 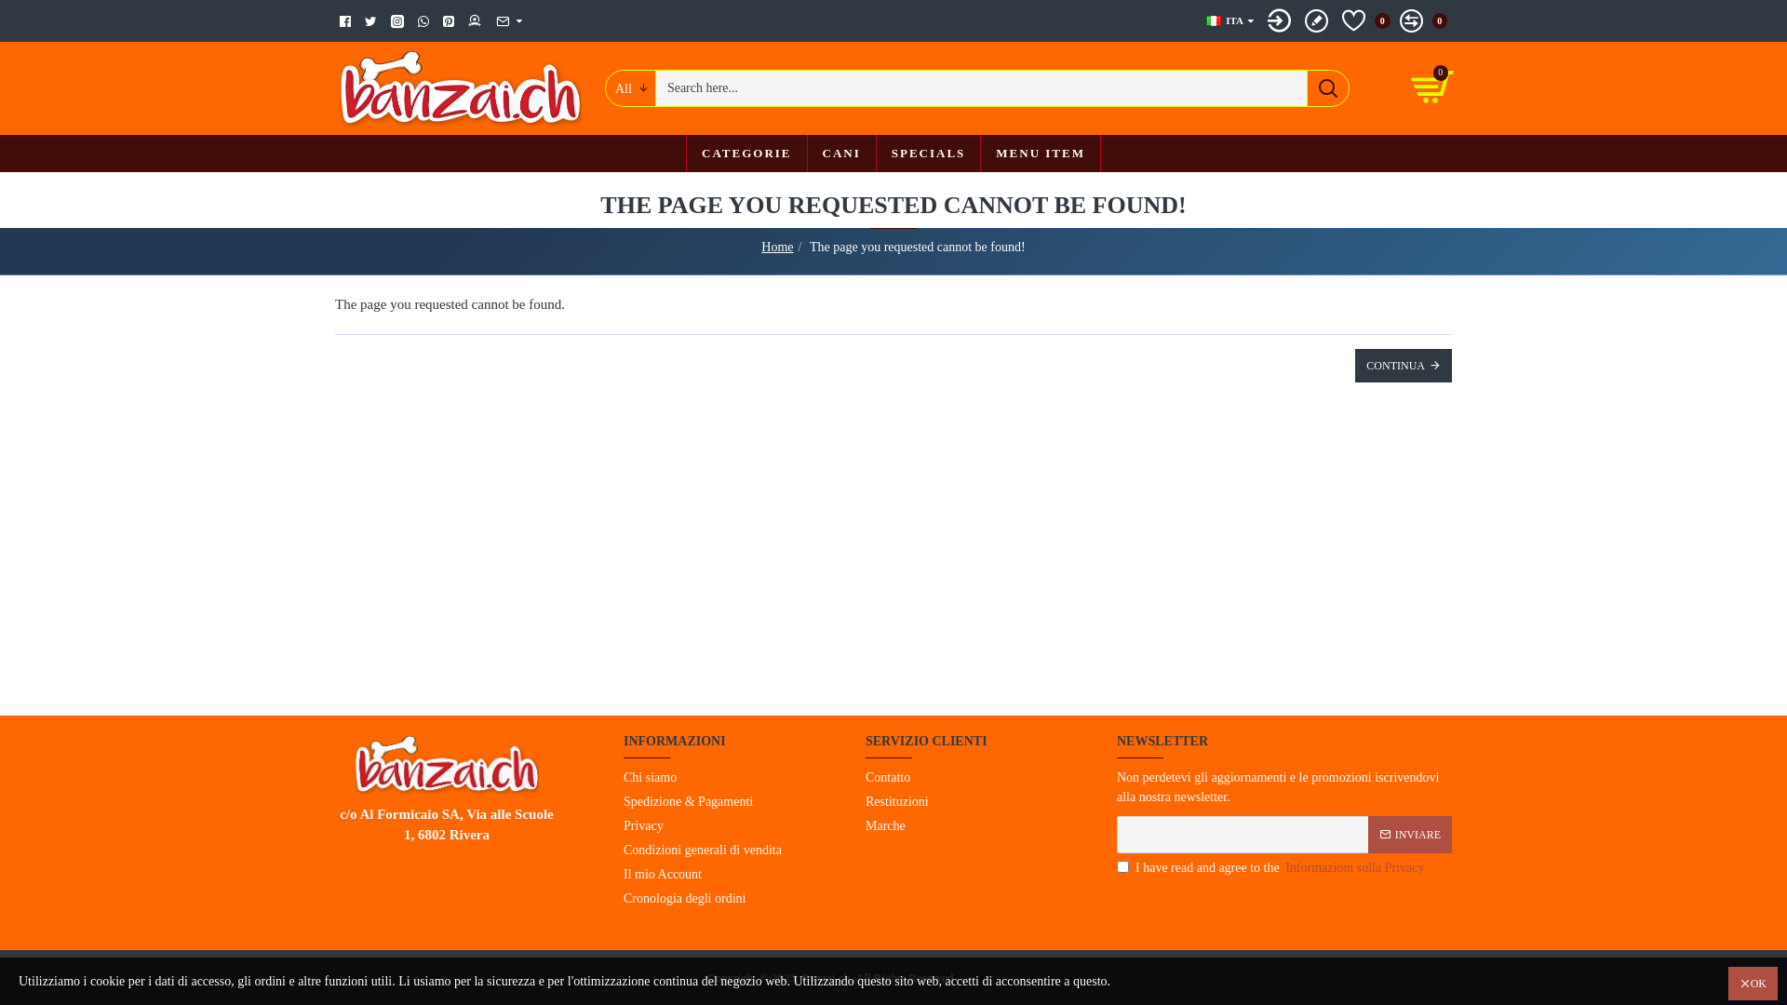 I want to click on 'Il mio Account', so click(x=662, y=876).